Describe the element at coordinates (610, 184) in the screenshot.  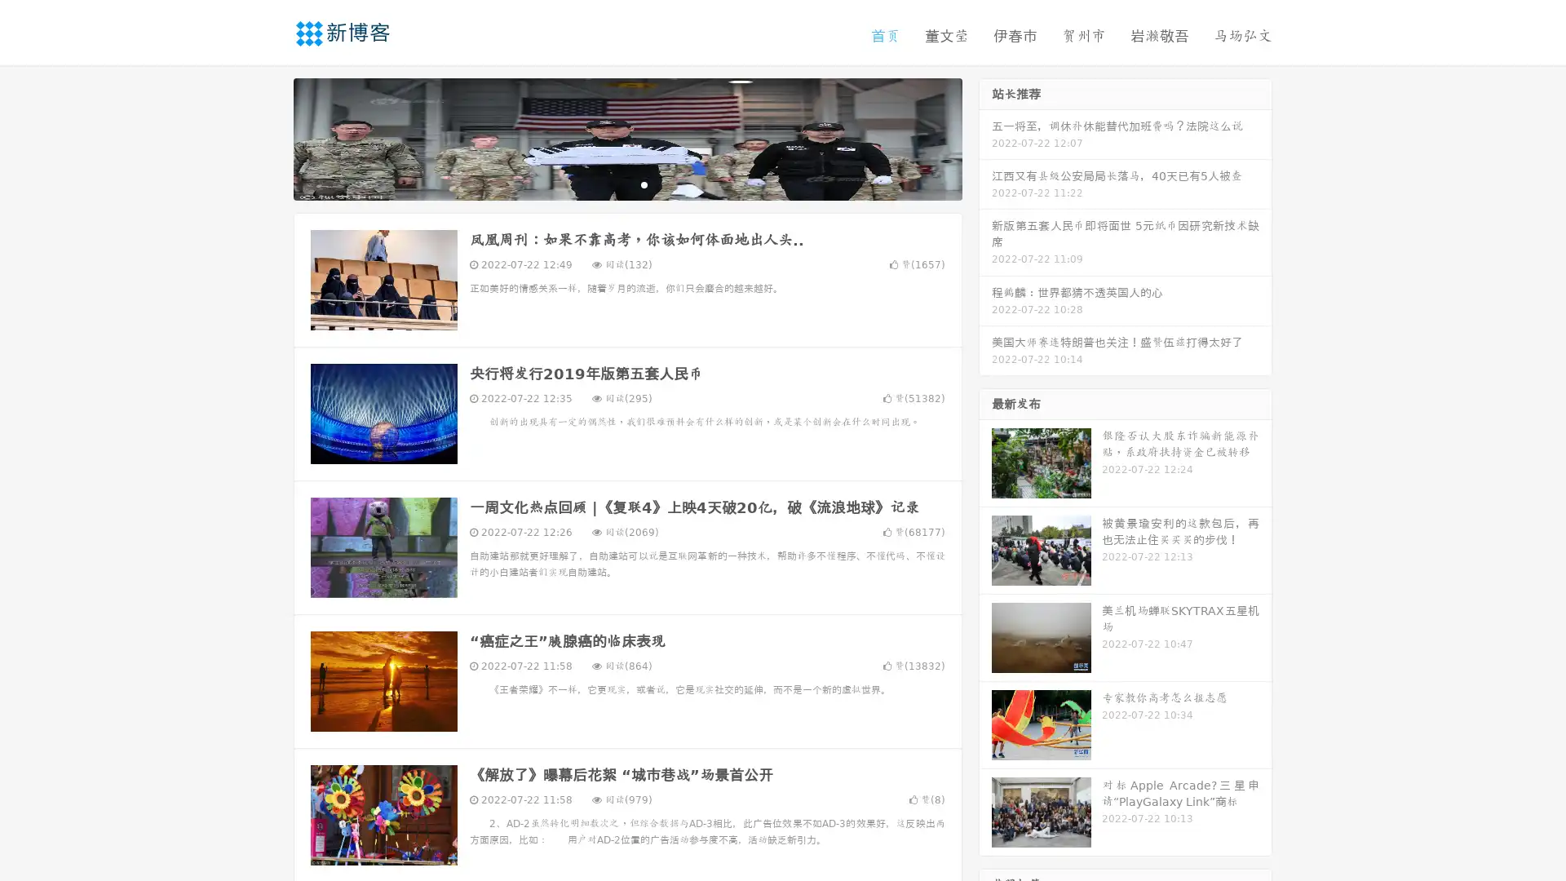
I see `Go to slide 1` at that location.